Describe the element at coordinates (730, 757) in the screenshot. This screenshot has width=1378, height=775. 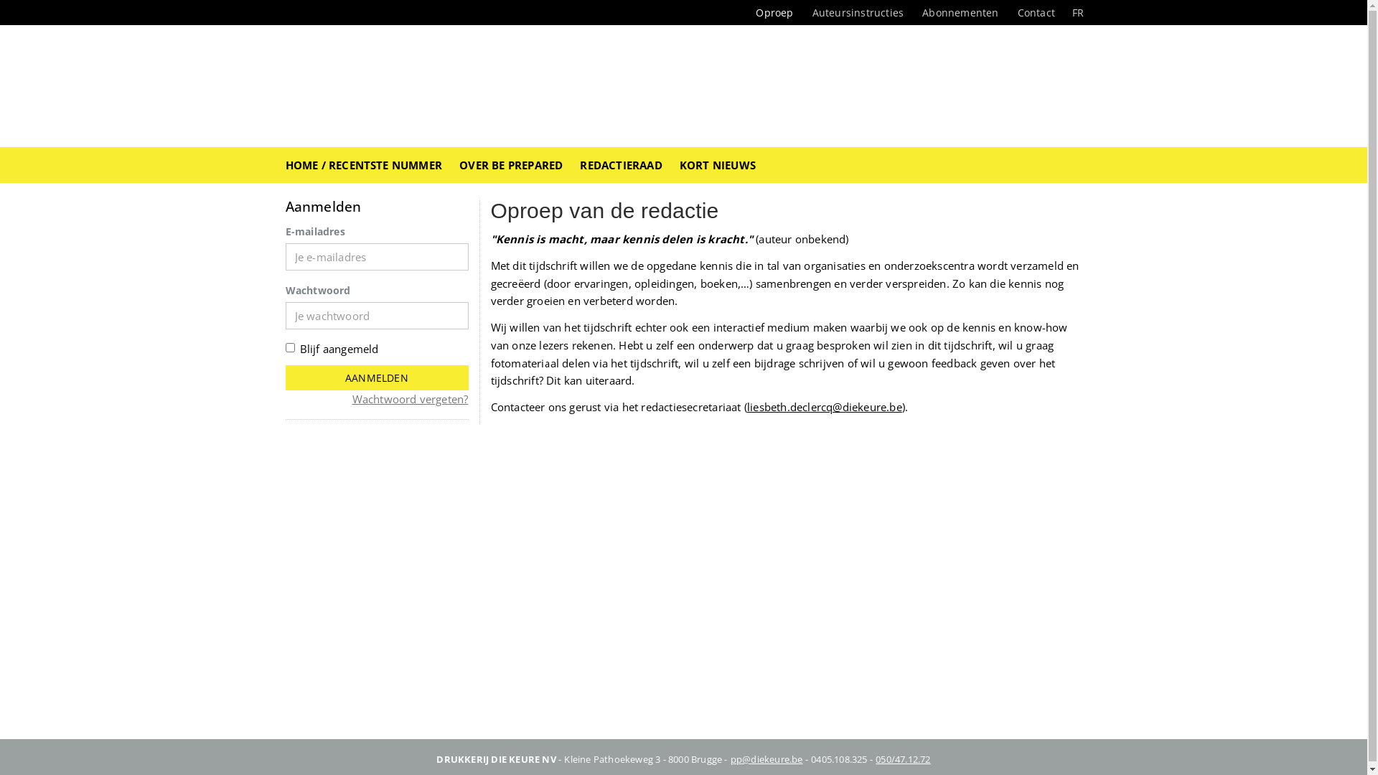
I see `'pp@diekeure.be'` at that location.